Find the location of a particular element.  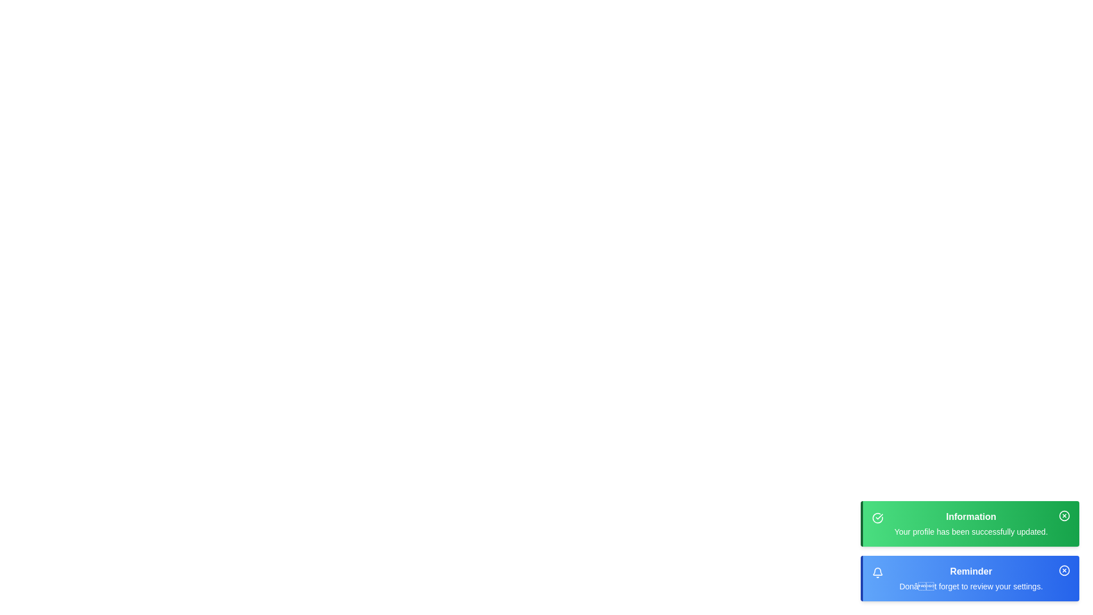

static text message that states 'Your profile has been successfully updated.' which is displayed in white on a green background, located below the 'Information' header is located at coordinates (970, 531).